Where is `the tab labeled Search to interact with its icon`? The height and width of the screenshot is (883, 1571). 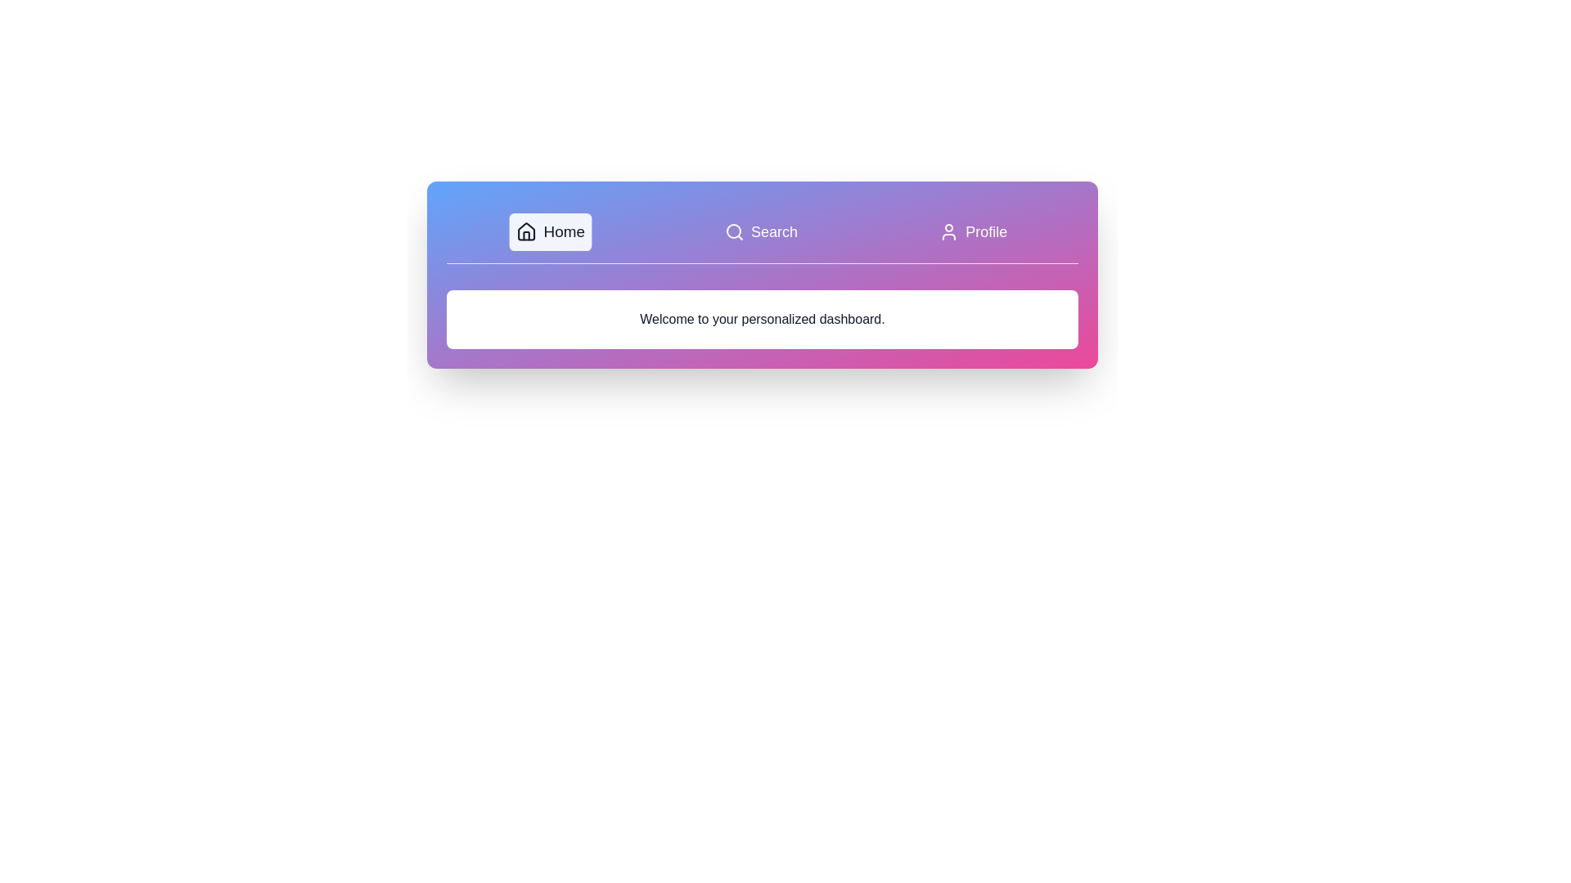
the tab labeled Search to interact with its icon is located at coordinates (760, 232).